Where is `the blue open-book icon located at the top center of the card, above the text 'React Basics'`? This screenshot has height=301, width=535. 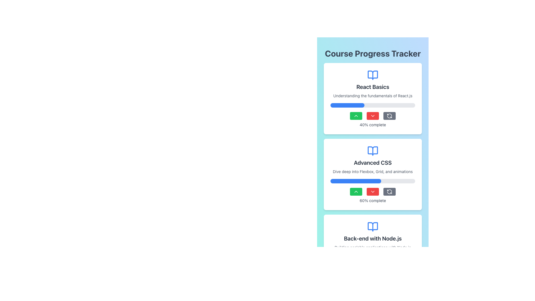 the blue open-book icon located at the top center of the card, above the text 'React Basics' is located at coordinates (373, 75).